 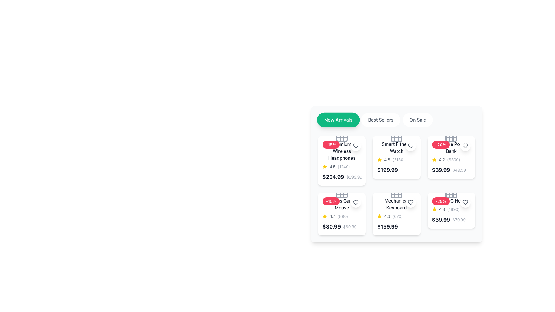 What do you see at coordinates (387, 216) in the screenshot?
I see `rating value displayed as '4.6' in gray color, located in the product card interface near the star icon and review count` at bounding box center [387, 216].